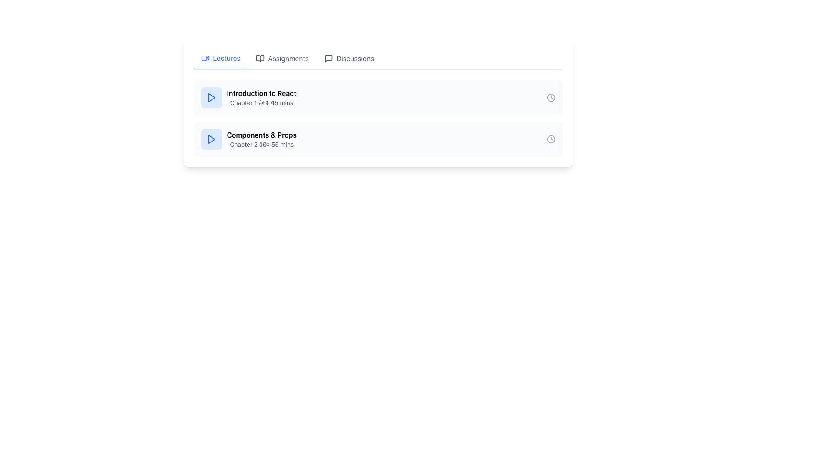  I want to click on the text label indicating 'Chapter 2' with a duration of '55 mins' located beneath 'Components & Props', so click(261, 144).